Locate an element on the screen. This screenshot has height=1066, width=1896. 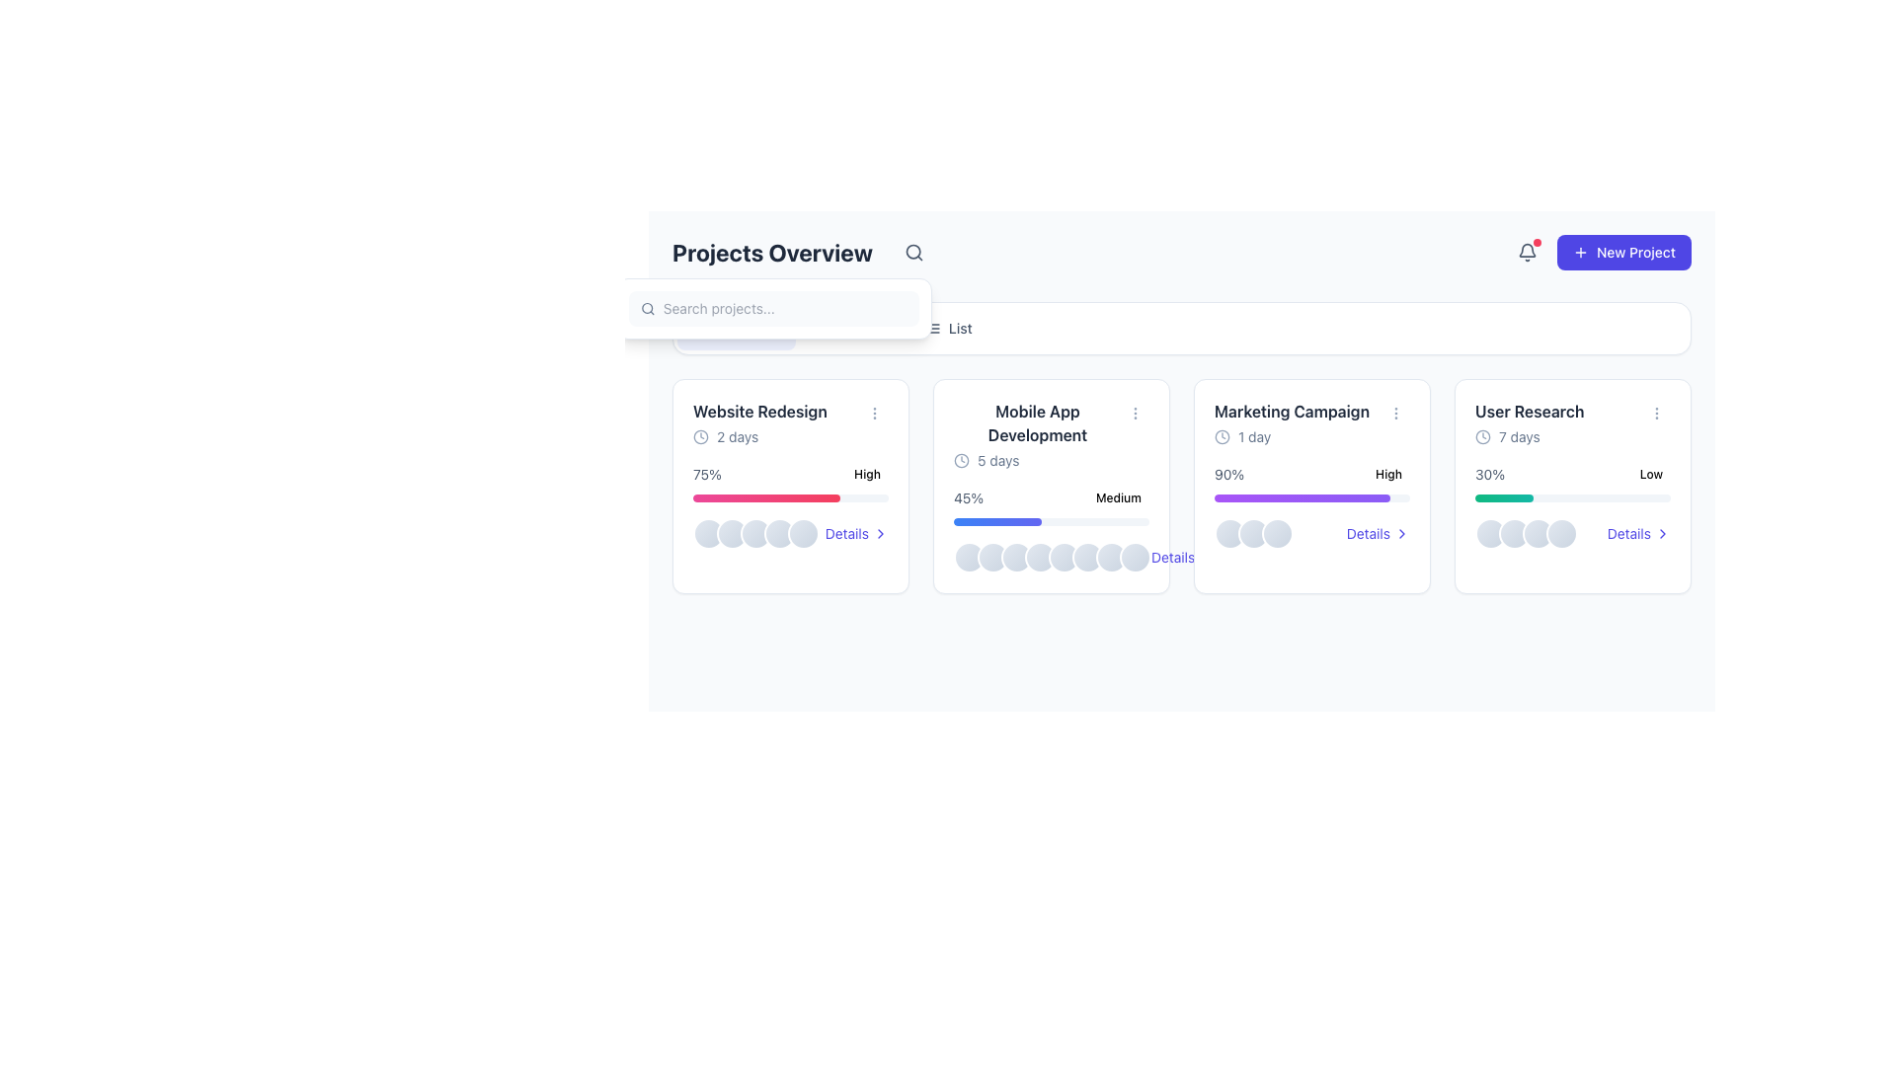
the progress status of the 'High' priority task in the Marketing Campaign section, which shows 90% completion is located at coordinates (1312, 483).